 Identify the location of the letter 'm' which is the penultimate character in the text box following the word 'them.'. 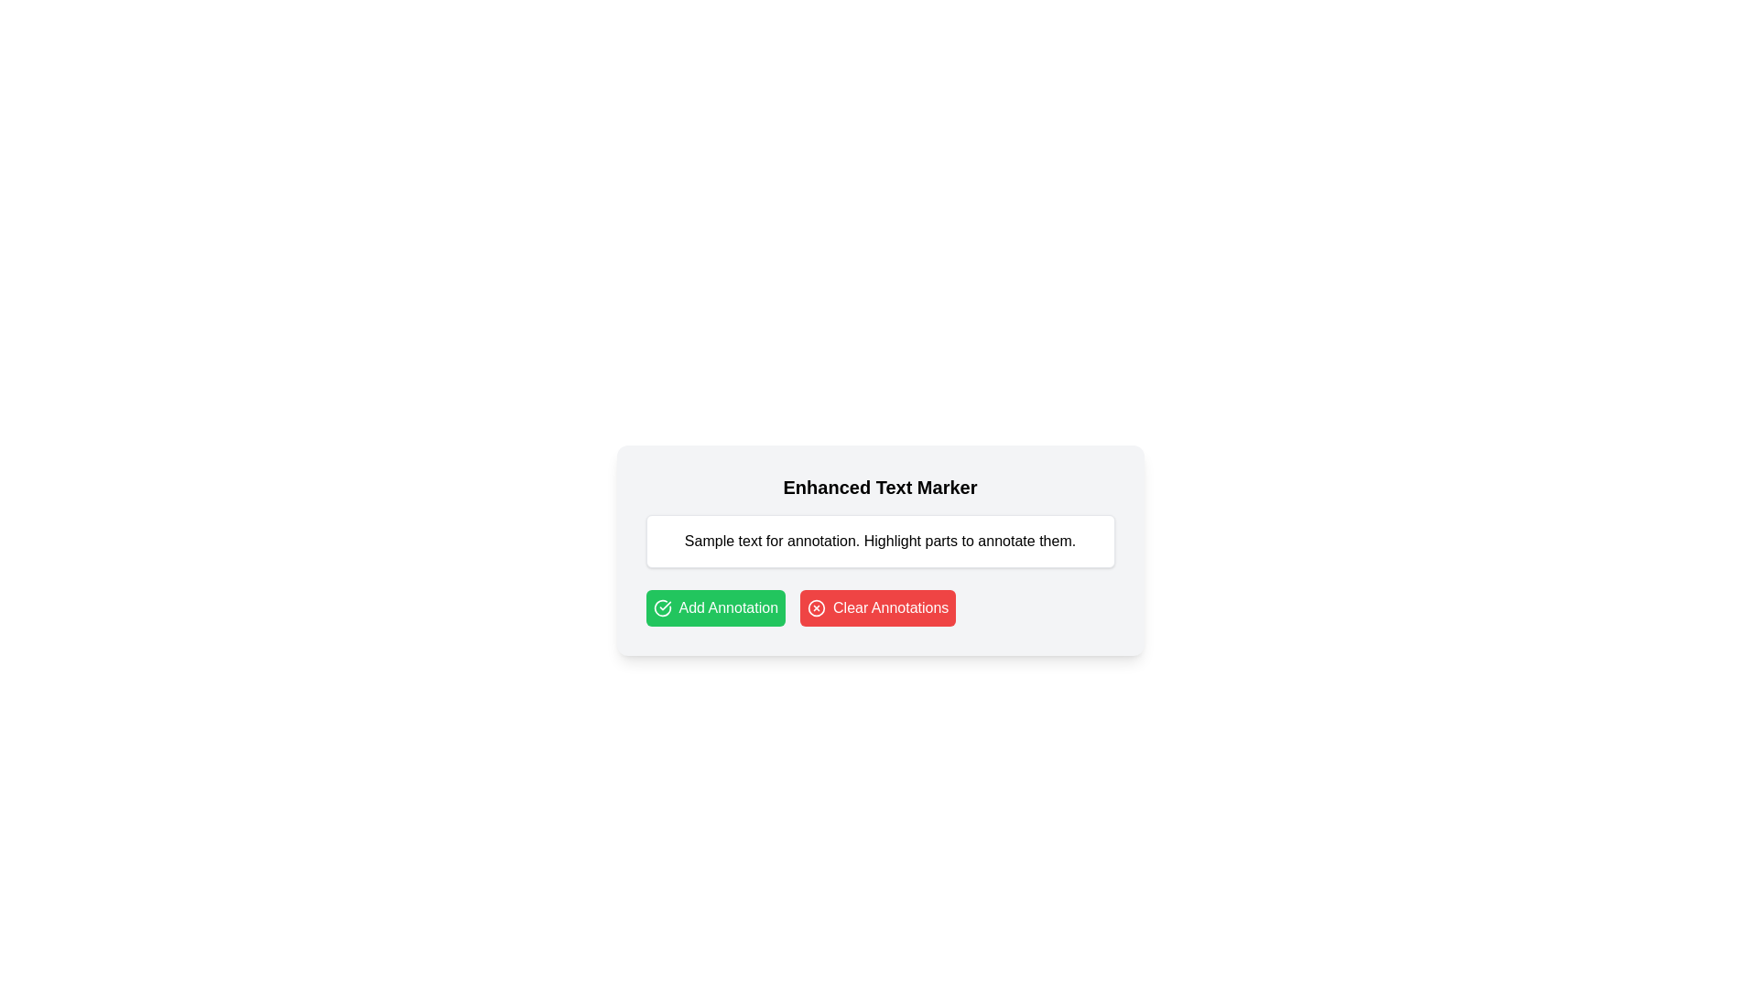
(1066, 540).